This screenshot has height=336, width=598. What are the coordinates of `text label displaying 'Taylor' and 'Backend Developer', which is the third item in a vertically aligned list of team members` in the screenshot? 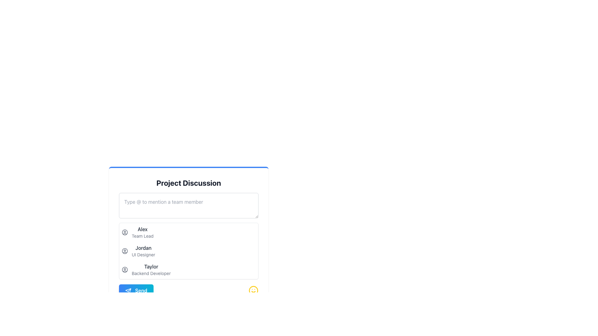 It's located at (151, 269).